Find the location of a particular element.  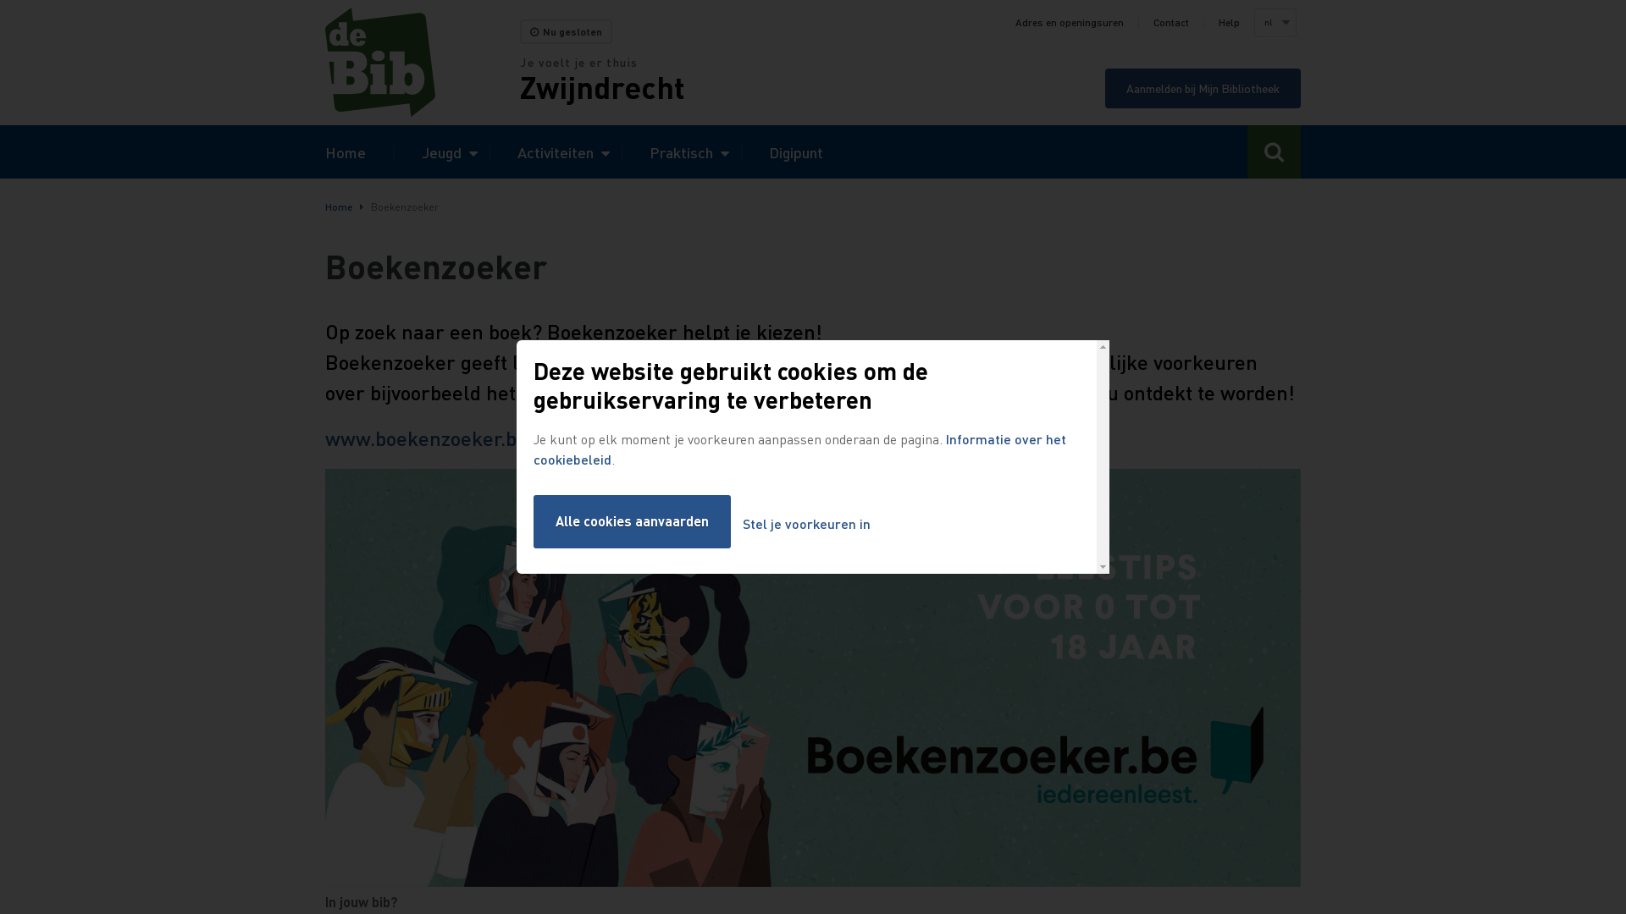

'Overslaan en naar zoeken gaan' is located at coordinates (0, 0).